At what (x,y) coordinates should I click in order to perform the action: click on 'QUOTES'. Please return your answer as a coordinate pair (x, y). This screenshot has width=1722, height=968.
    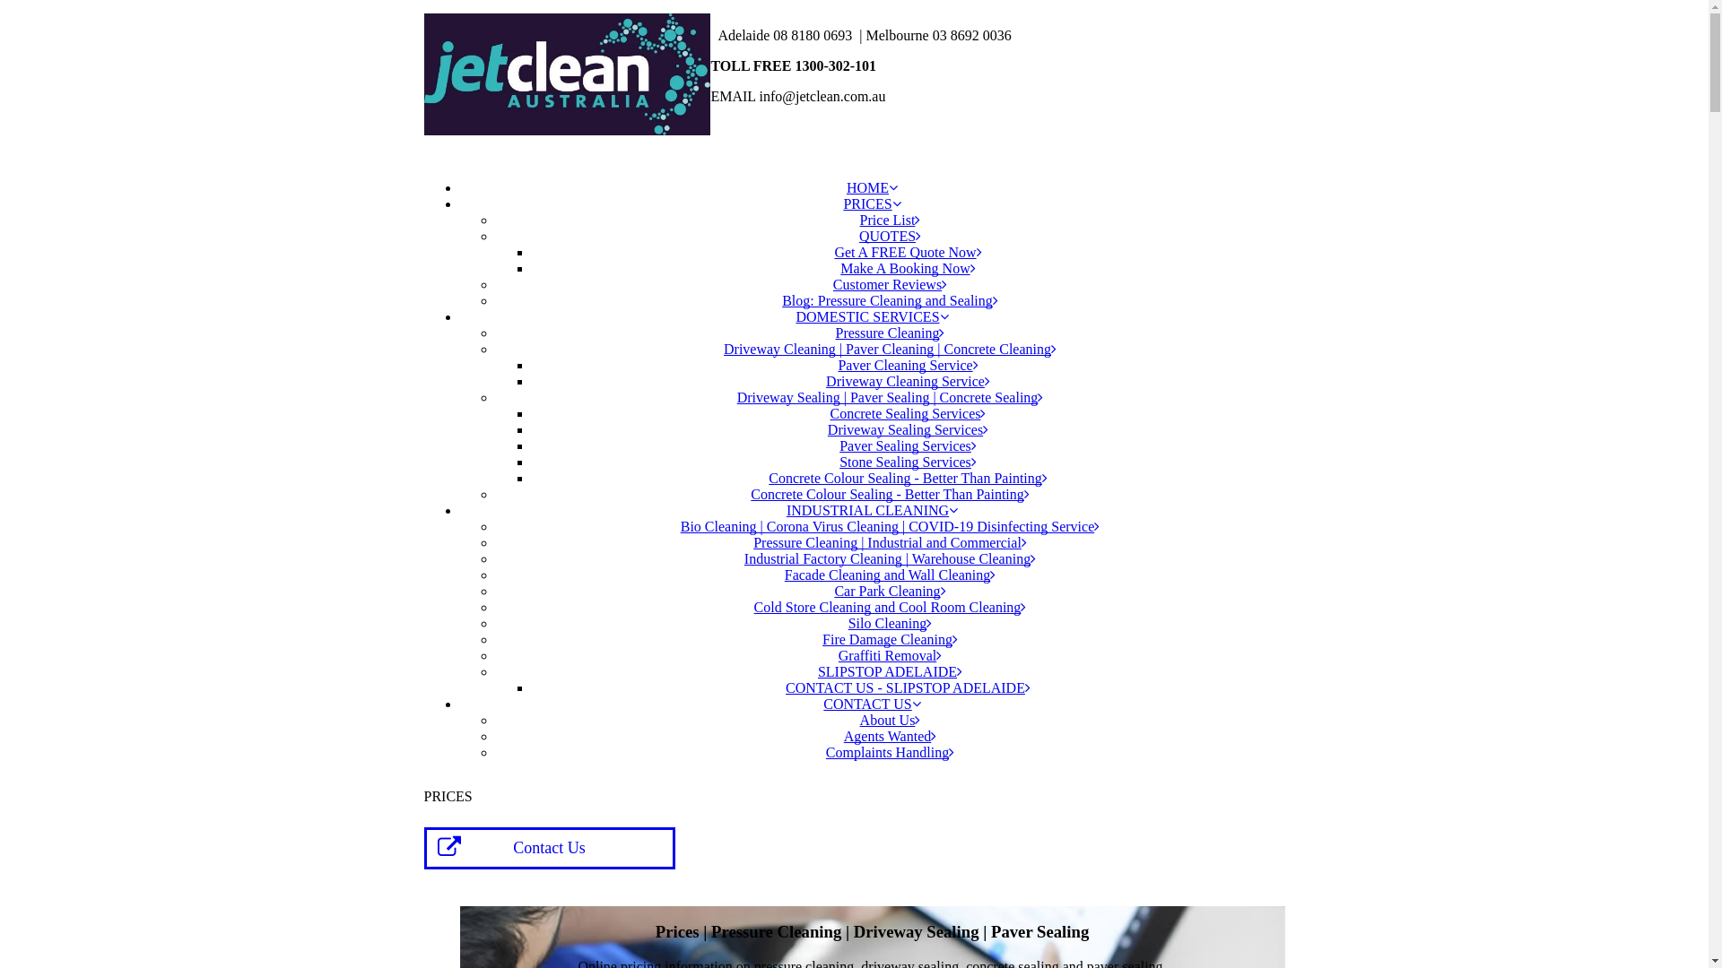
    Looking at the image, I should click on (858, 235).